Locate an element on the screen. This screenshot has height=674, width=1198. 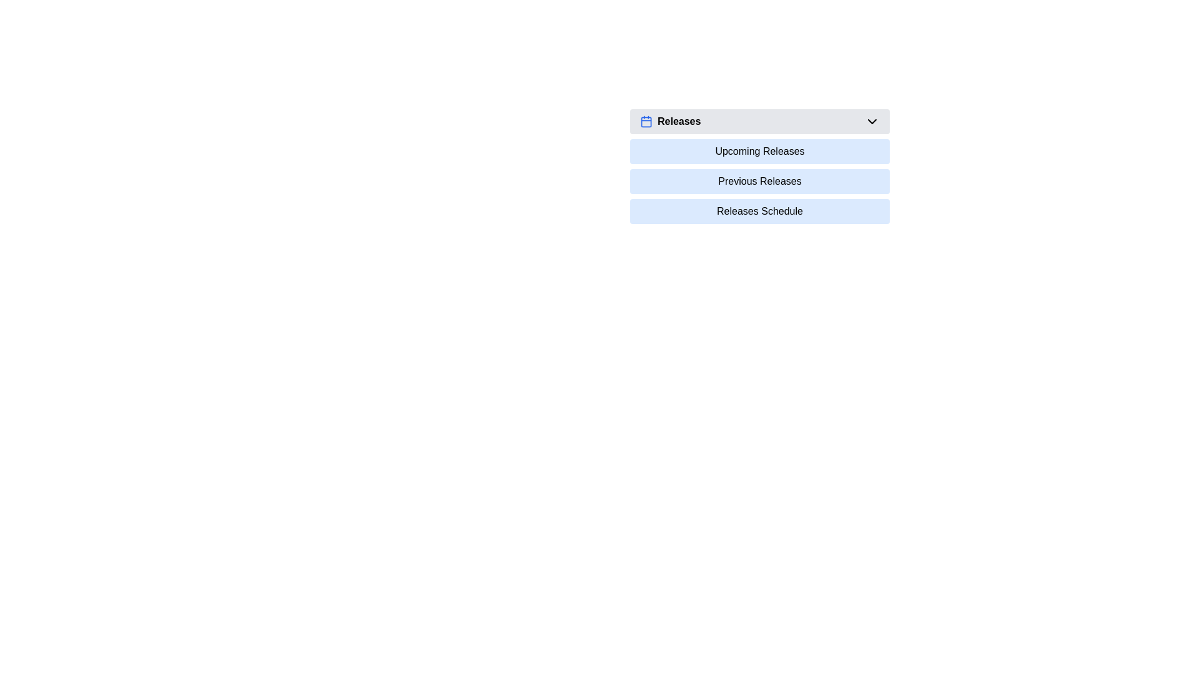
the chevron icon button located to the far right side of the 'Releases' title bar is located at coordinates (871, 122).